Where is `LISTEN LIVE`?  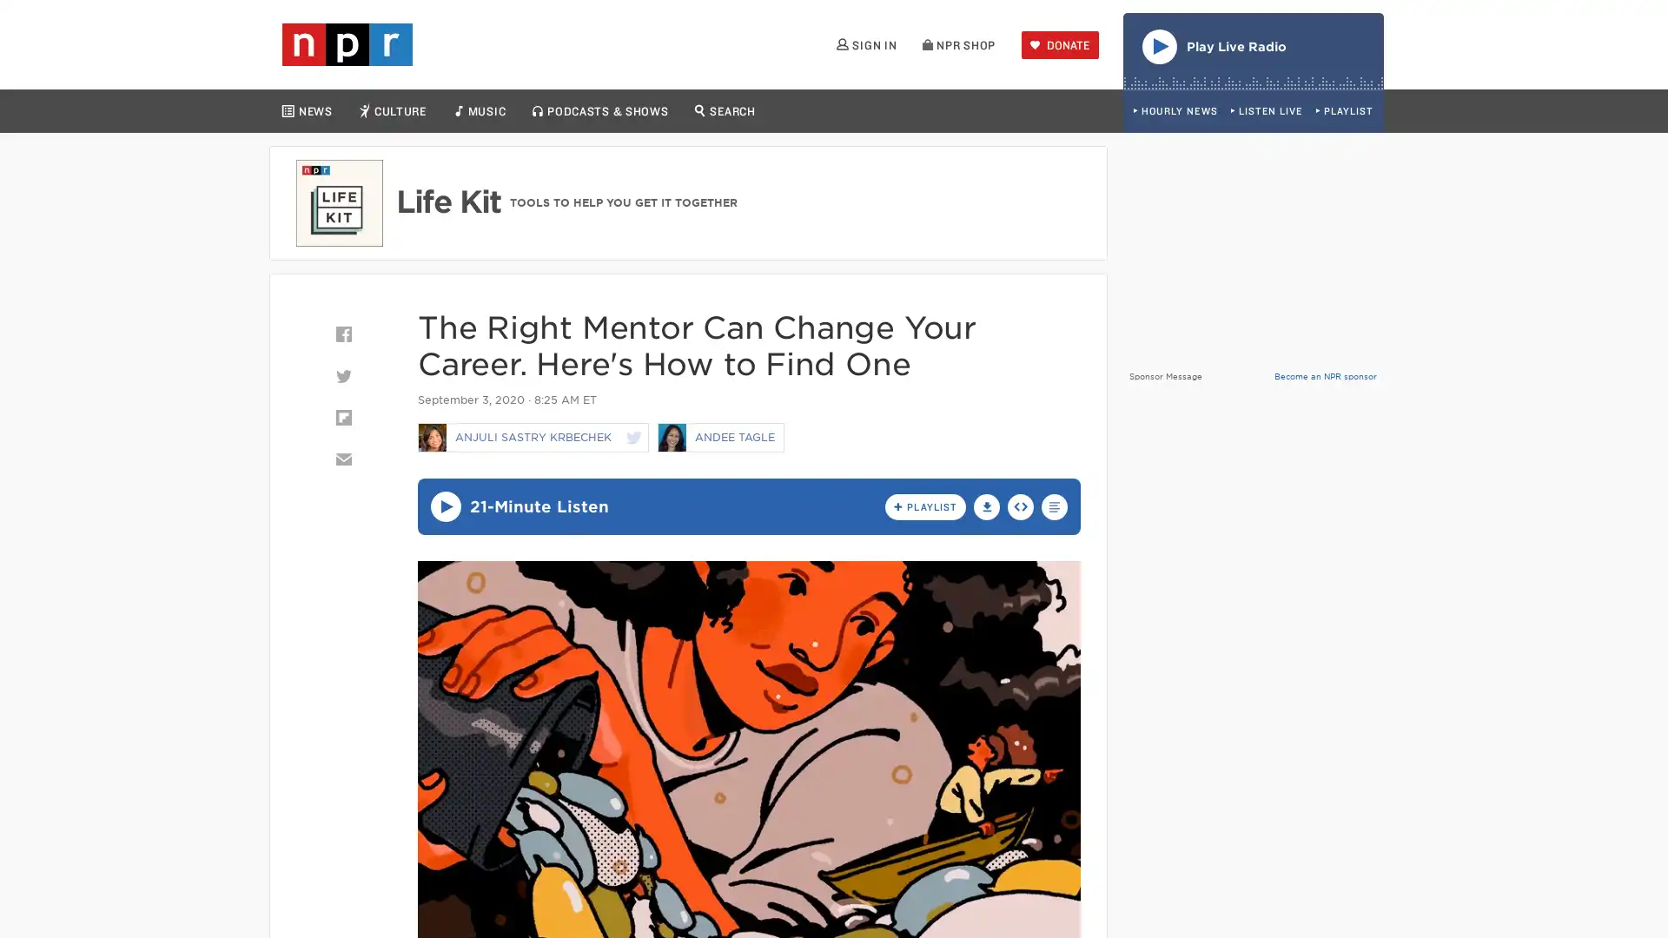 LISTEN LIVE is located at coordinates (1266, 111).